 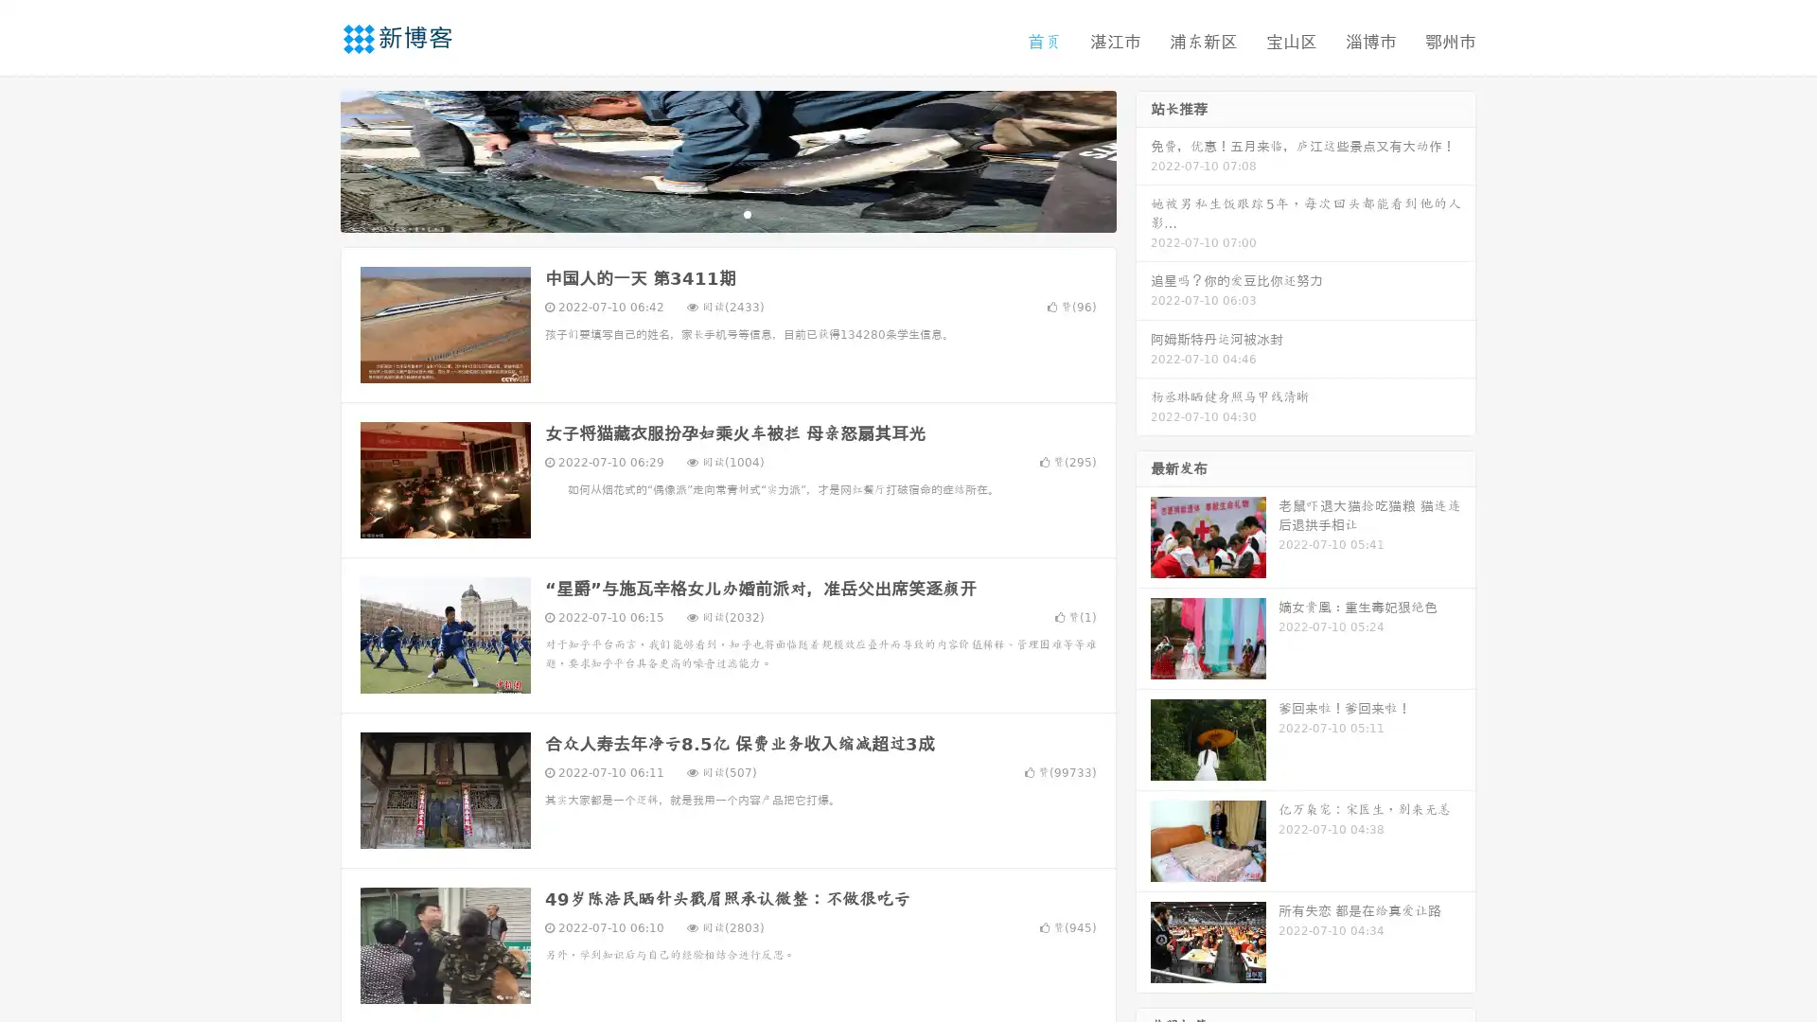 What do you see at coordinates (312, 159) in the screenshot?
I see `Previous slide` at bounding box center [312, 159].